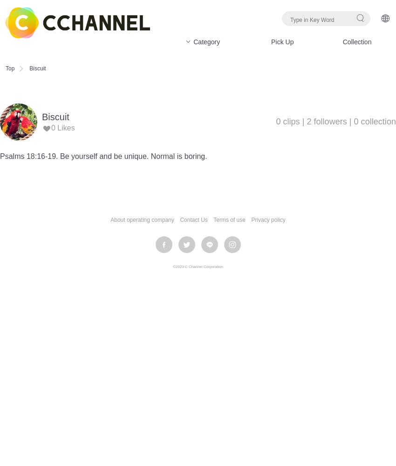  Describe the element at coordinates (142, 219) in the screenshot. I see `'About operating company'` at that location.